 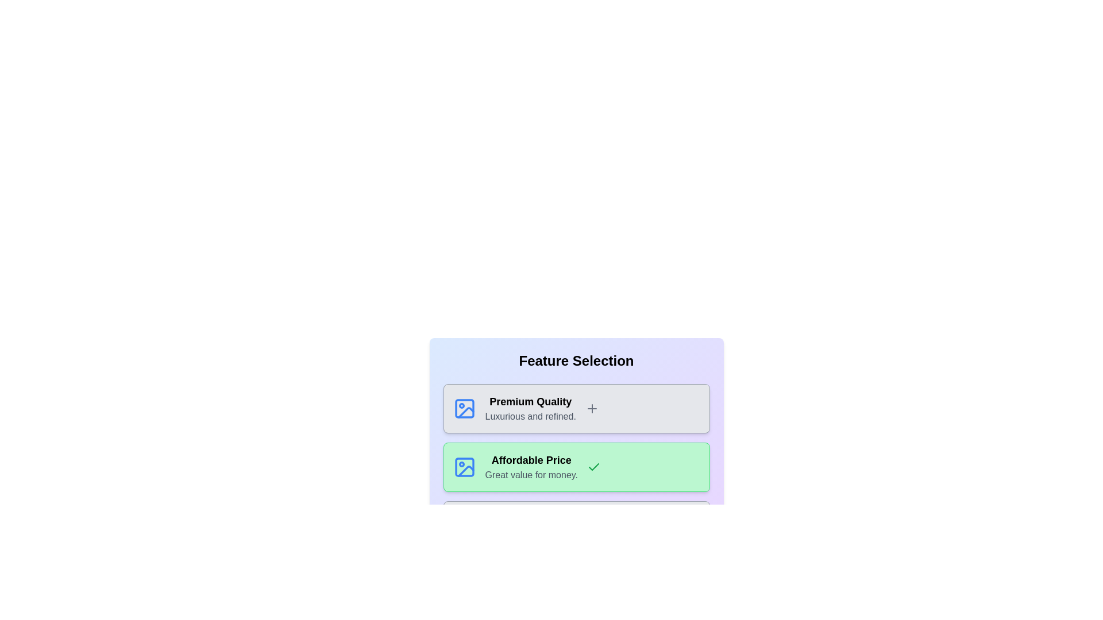 I want to click on the card labeled 'Premium Quality', so click(x=576, y=408).